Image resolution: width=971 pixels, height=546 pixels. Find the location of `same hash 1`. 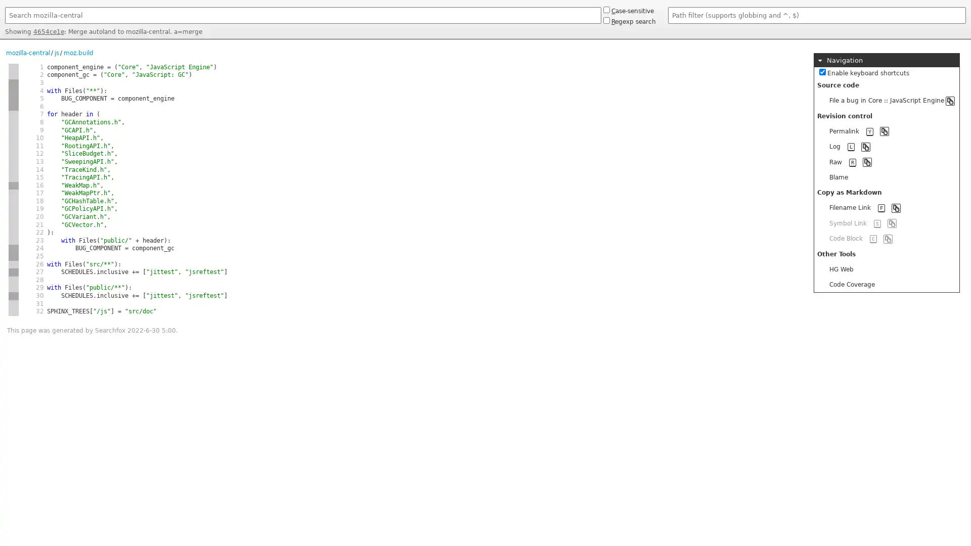

same hash 1 is located at coordinates (14, 224).